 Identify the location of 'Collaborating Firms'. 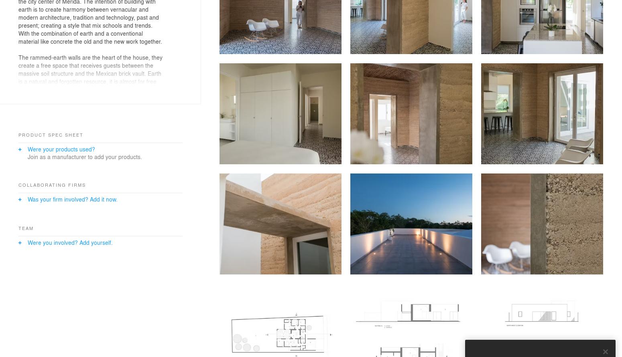
(52, 184).